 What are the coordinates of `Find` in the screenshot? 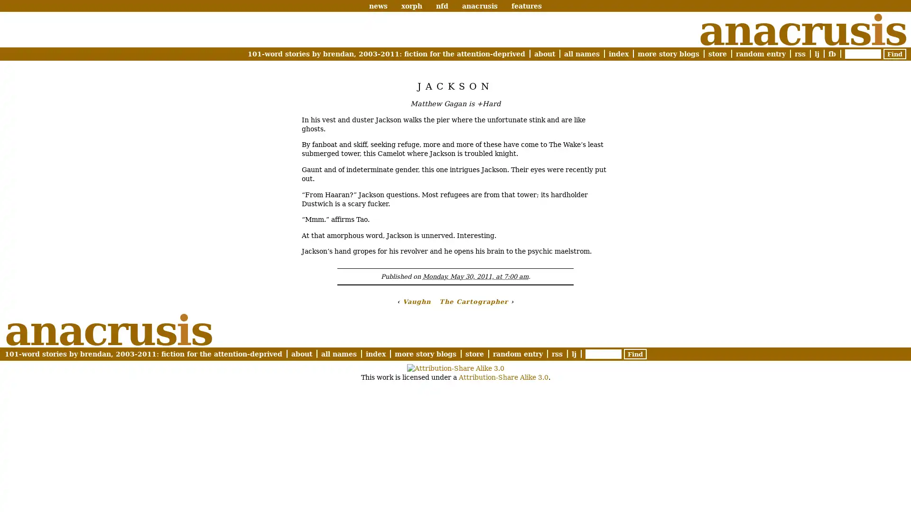 It's located at (894, 54).